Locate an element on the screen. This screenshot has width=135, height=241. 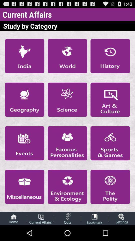
choose science category is located at coordinates (67, 99).